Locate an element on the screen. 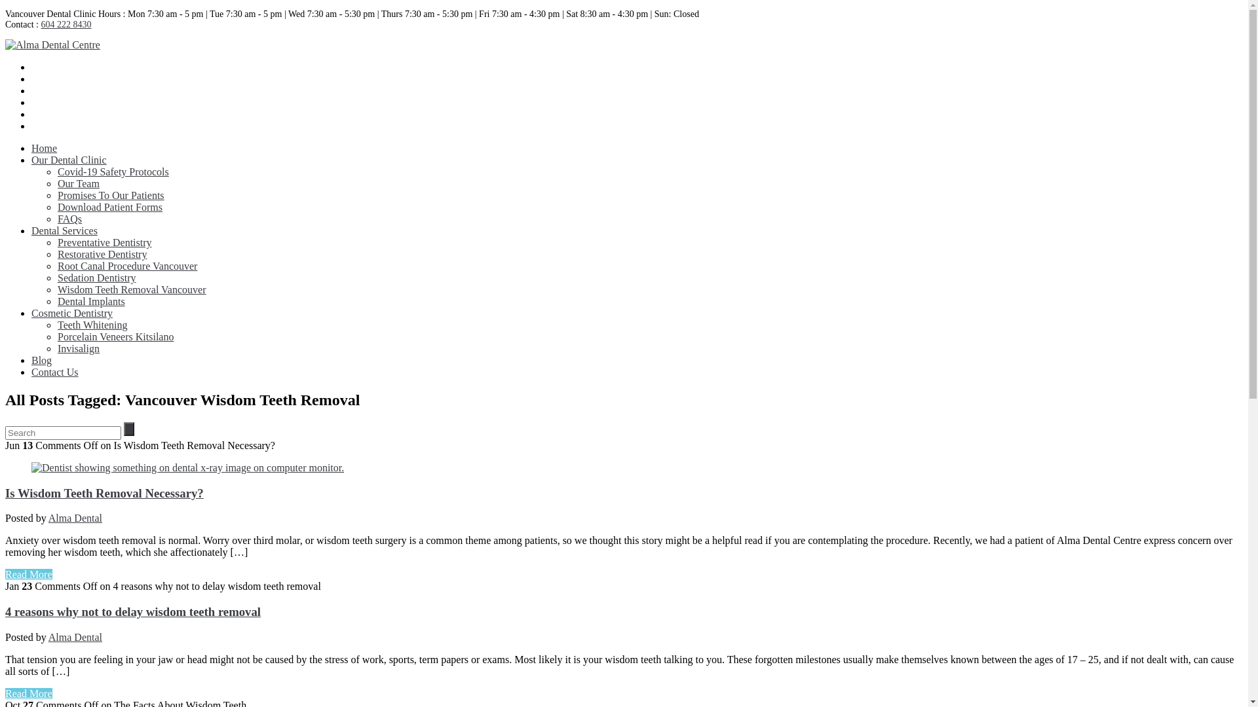 The height and width of the screenshot is (707, 1258). 'Read More' is located at coordinates (28, 693).